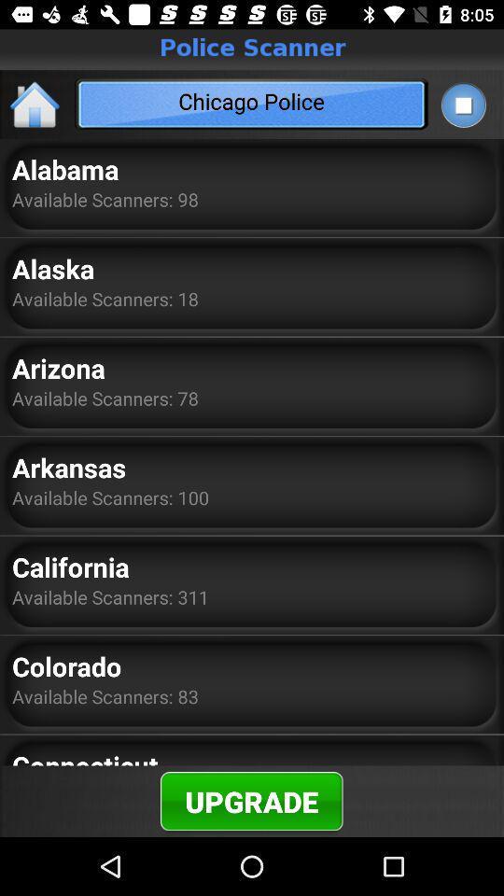  I want to click on the icon at the top right corner of the house, so click(462, 105).